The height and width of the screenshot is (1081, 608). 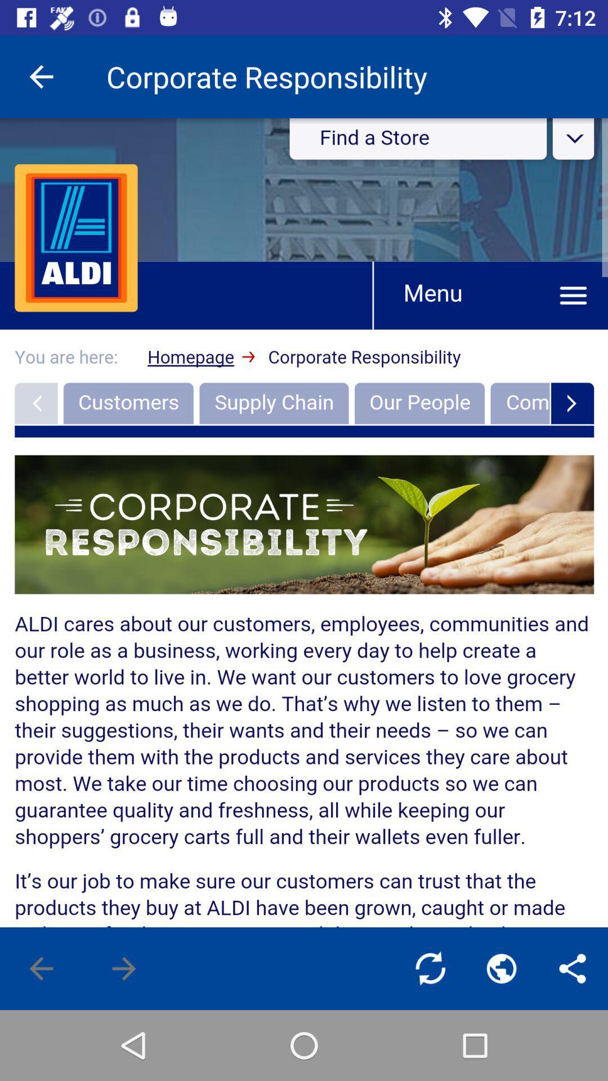 What do you see at coordinates (41, 968) in the screenshot?
I see `previous` at bounding box center [41, 968].